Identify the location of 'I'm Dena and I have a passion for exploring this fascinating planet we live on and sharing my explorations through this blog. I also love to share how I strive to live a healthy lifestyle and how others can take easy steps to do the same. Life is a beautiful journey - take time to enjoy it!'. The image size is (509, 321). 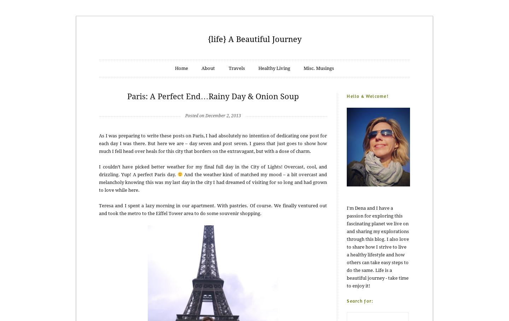
(378, 246).